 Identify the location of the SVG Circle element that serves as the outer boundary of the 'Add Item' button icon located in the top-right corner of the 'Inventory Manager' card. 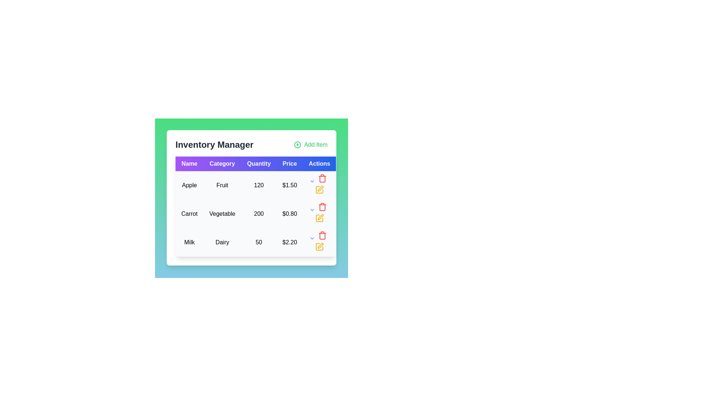
(297, 145).